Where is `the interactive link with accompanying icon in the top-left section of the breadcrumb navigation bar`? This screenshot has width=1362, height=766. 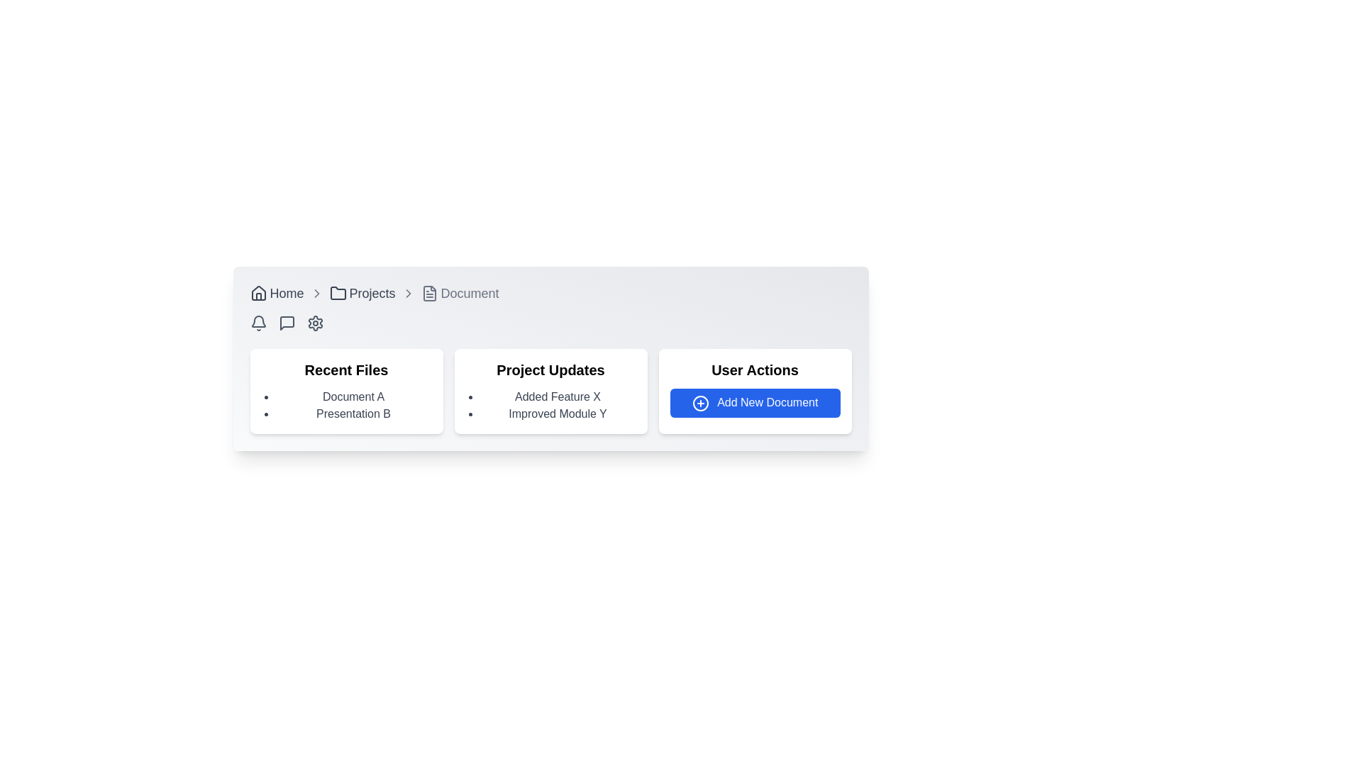
the interactive link with accompanying icon in the top-left section of the breadcrumb navigation bar is located at coordinates (277, 292).